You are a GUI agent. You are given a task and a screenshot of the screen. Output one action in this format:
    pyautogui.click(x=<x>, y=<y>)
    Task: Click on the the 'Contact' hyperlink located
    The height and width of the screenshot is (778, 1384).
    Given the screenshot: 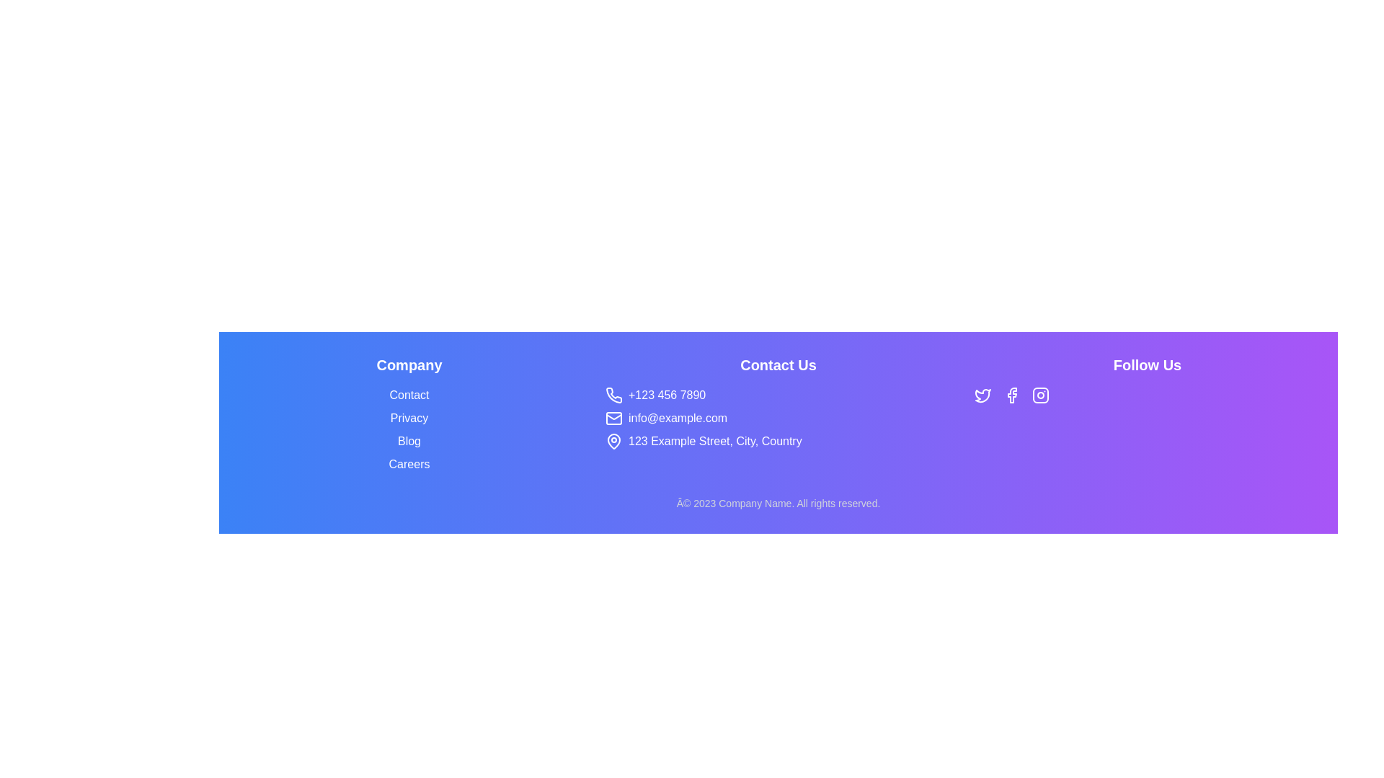 What is the action you would take?
    pyautogui.click(x=408, y=395)
    